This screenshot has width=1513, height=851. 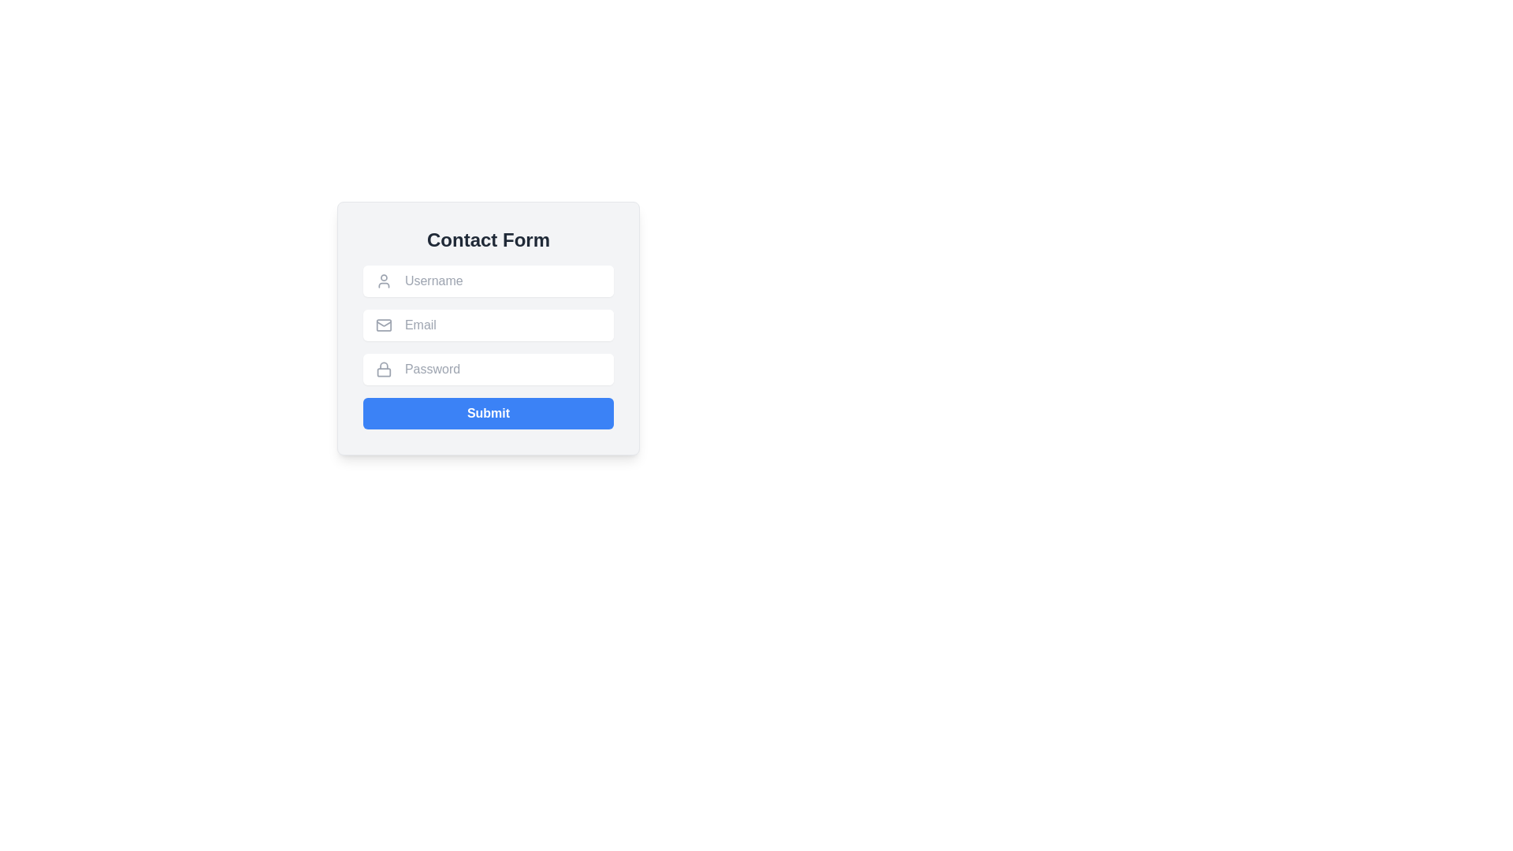 I want to click on the icon that indicates the input field for entering a username, which is located slightly to the left of the username input box, so click(x=384, y=281).